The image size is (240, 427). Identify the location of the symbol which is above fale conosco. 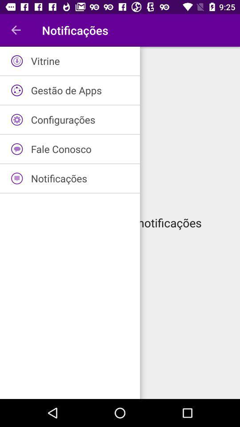
(17, 119).